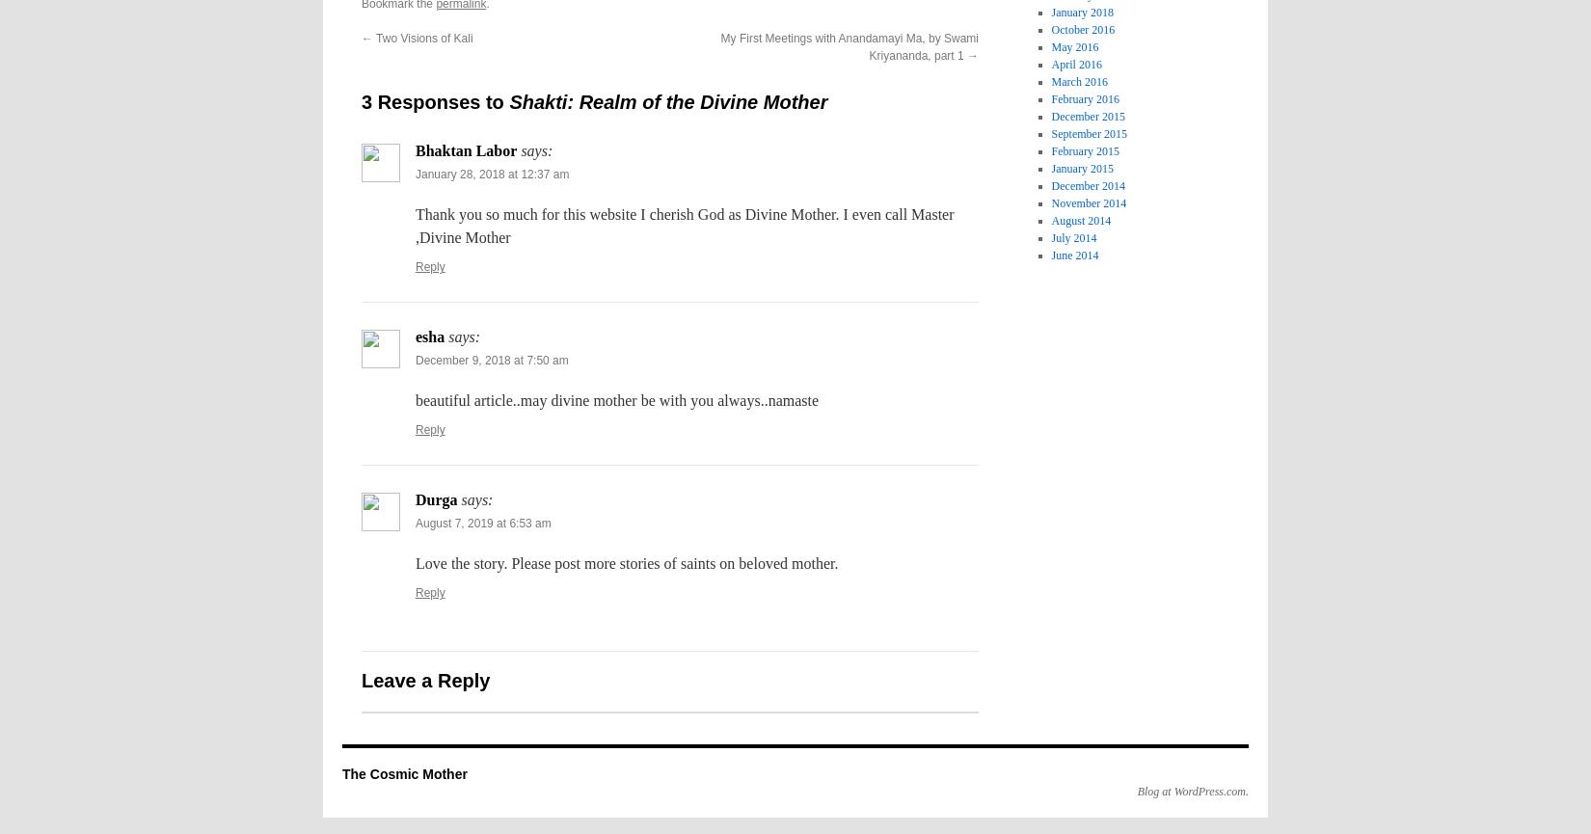  What do you see at coordinates (1050, 29) in the screenshot?
I see `'October 2016'` at bounding box center [1050, 29].